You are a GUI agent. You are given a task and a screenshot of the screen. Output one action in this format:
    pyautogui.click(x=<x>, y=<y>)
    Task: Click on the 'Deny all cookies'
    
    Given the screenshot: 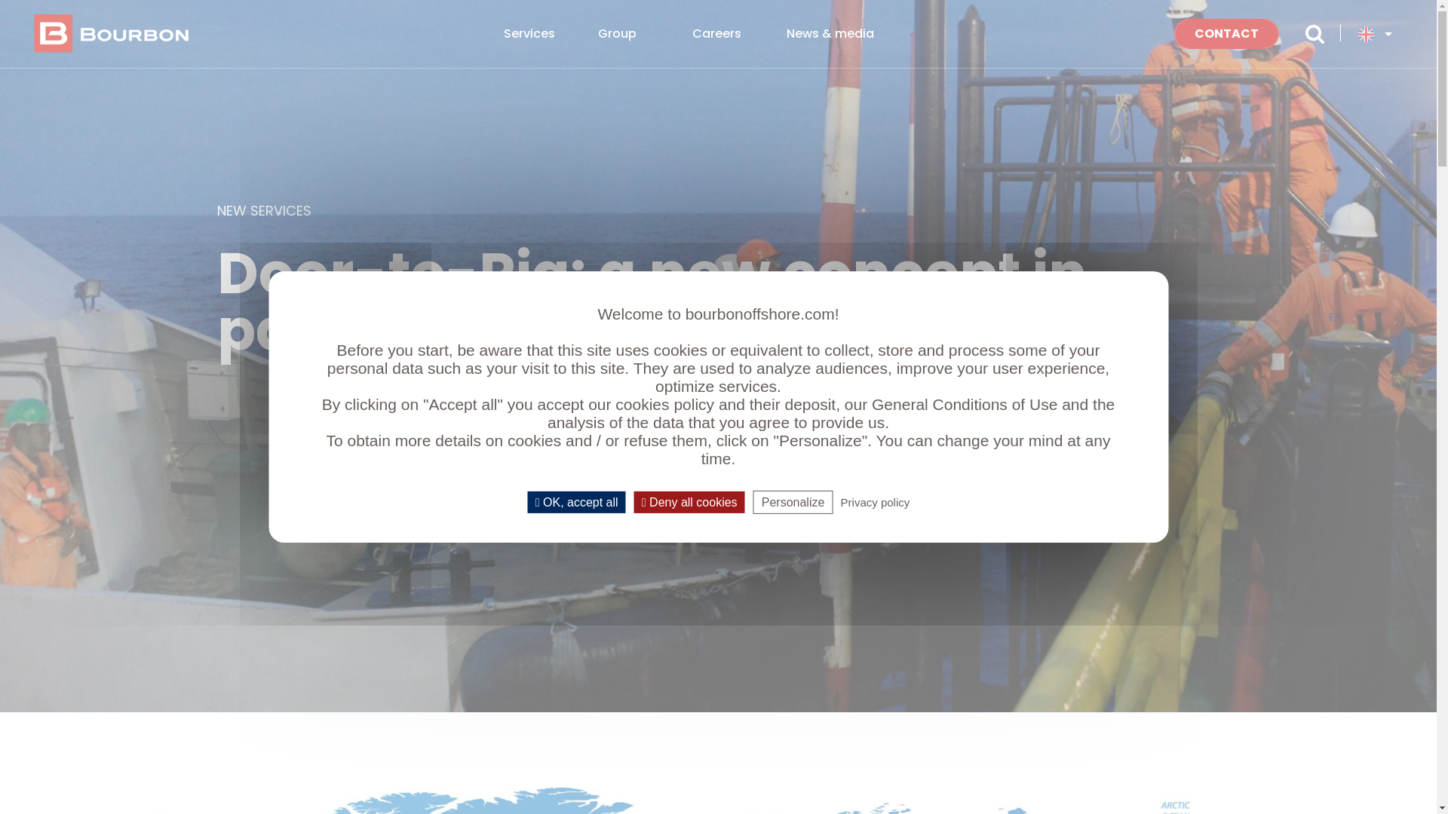 What is the action you would take?
    pyautogui.click(x=689, y=502)
    